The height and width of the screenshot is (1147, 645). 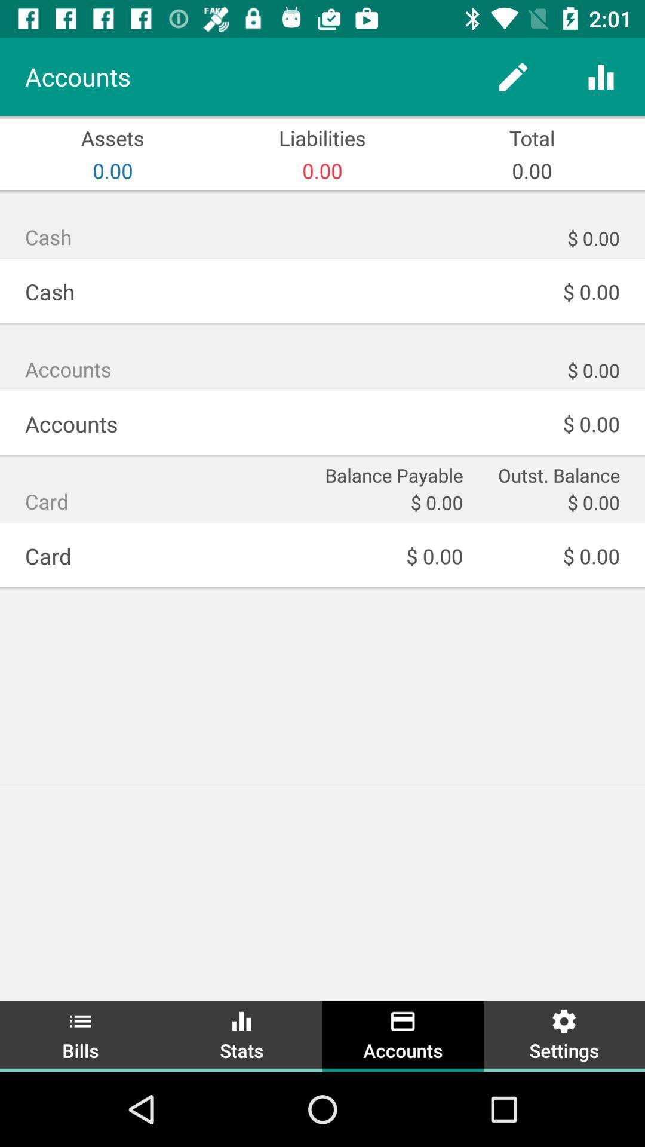 What do you see at coordinates (512, 76) in the screenshot?
I see `edit the text` at bounding box center [512, 76].